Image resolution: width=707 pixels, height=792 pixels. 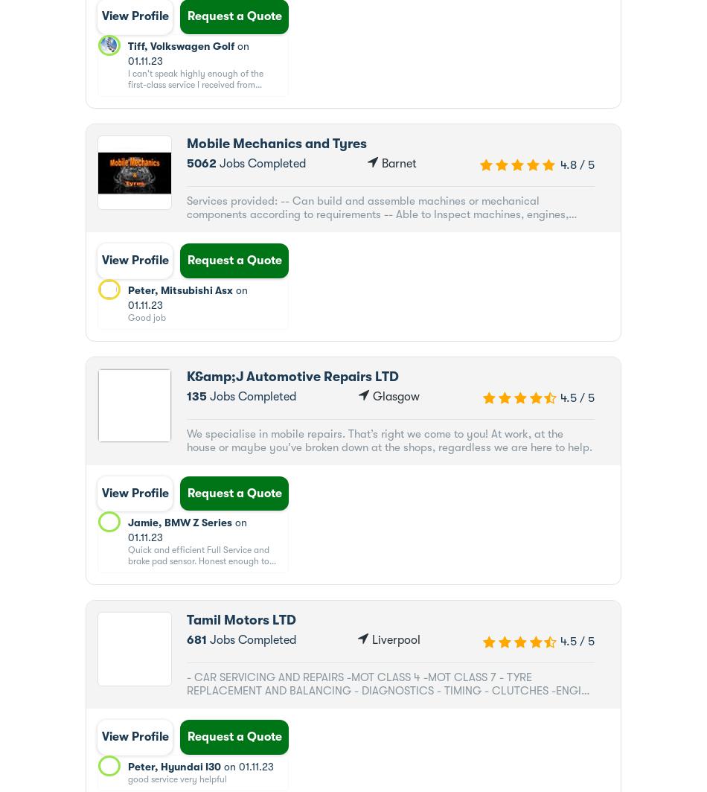 What do you see at coordinates (395, 396) in the screenshot?
I see `'Glasgow'` at bounding box center [395, 396].